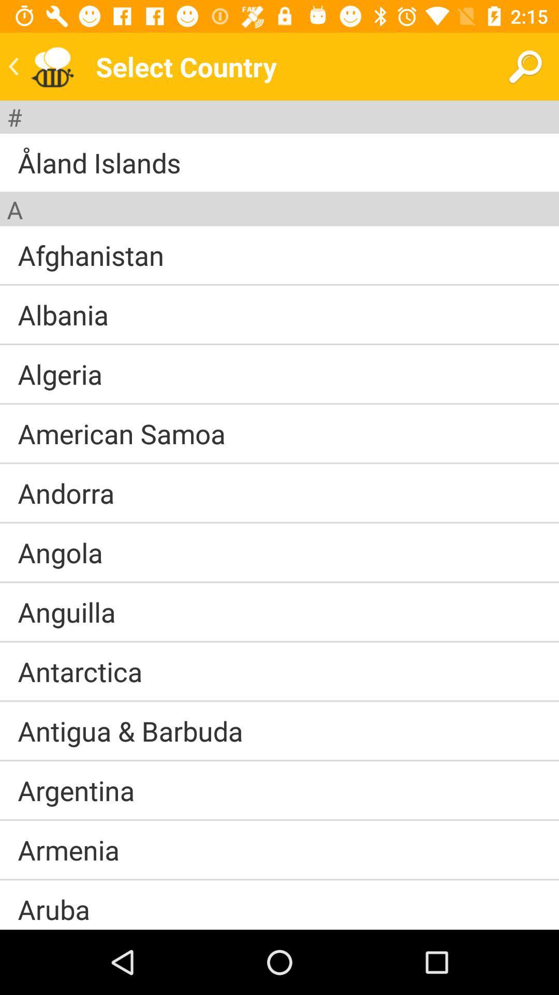  Describe the element at coordinates (279, 522) in the screenshot. I see `the item above angola icon` at that location.